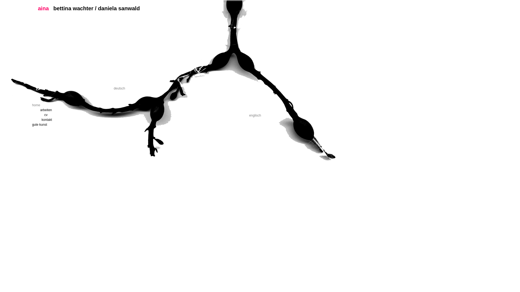 The height and width of the screenshot is (292, 520). What do you see at coordinates (65, 110) in the screenshot?
I see `'arbeiten'` at bounding box center [65, 110].